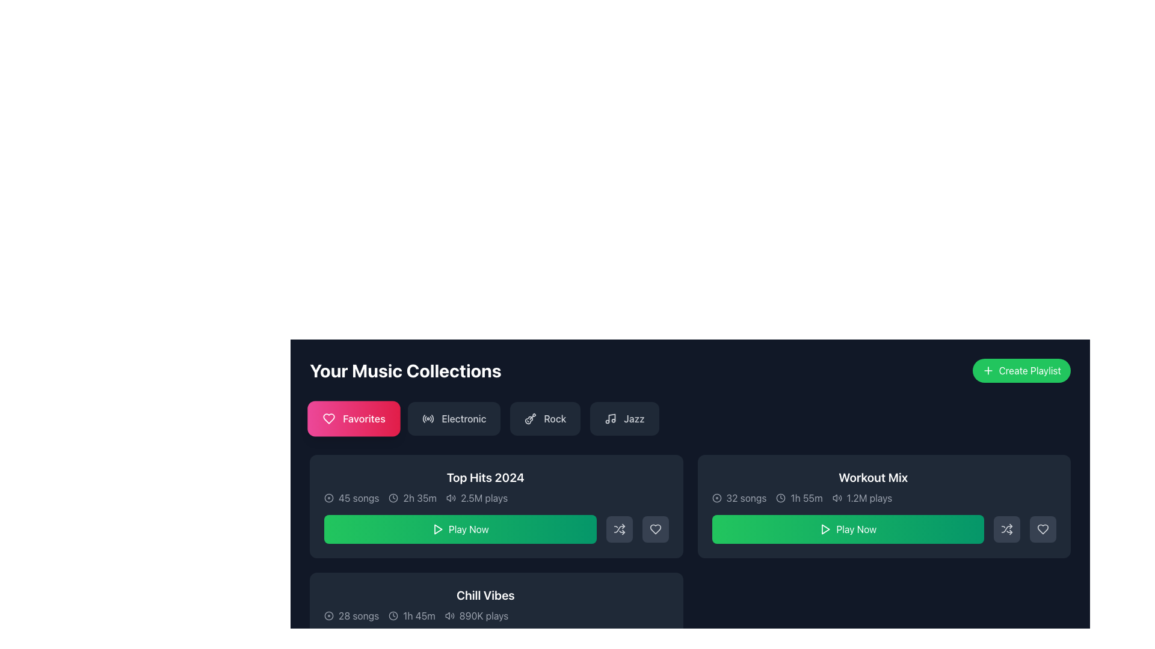 This screenshot has height=649, width=1155. Describe the element at coordinates (448, 498) in the screenshot. I see `the volume or sound level adjustment icon located in the card labeled 'Top Hits 2024', near the center of the bottom half` at that location.